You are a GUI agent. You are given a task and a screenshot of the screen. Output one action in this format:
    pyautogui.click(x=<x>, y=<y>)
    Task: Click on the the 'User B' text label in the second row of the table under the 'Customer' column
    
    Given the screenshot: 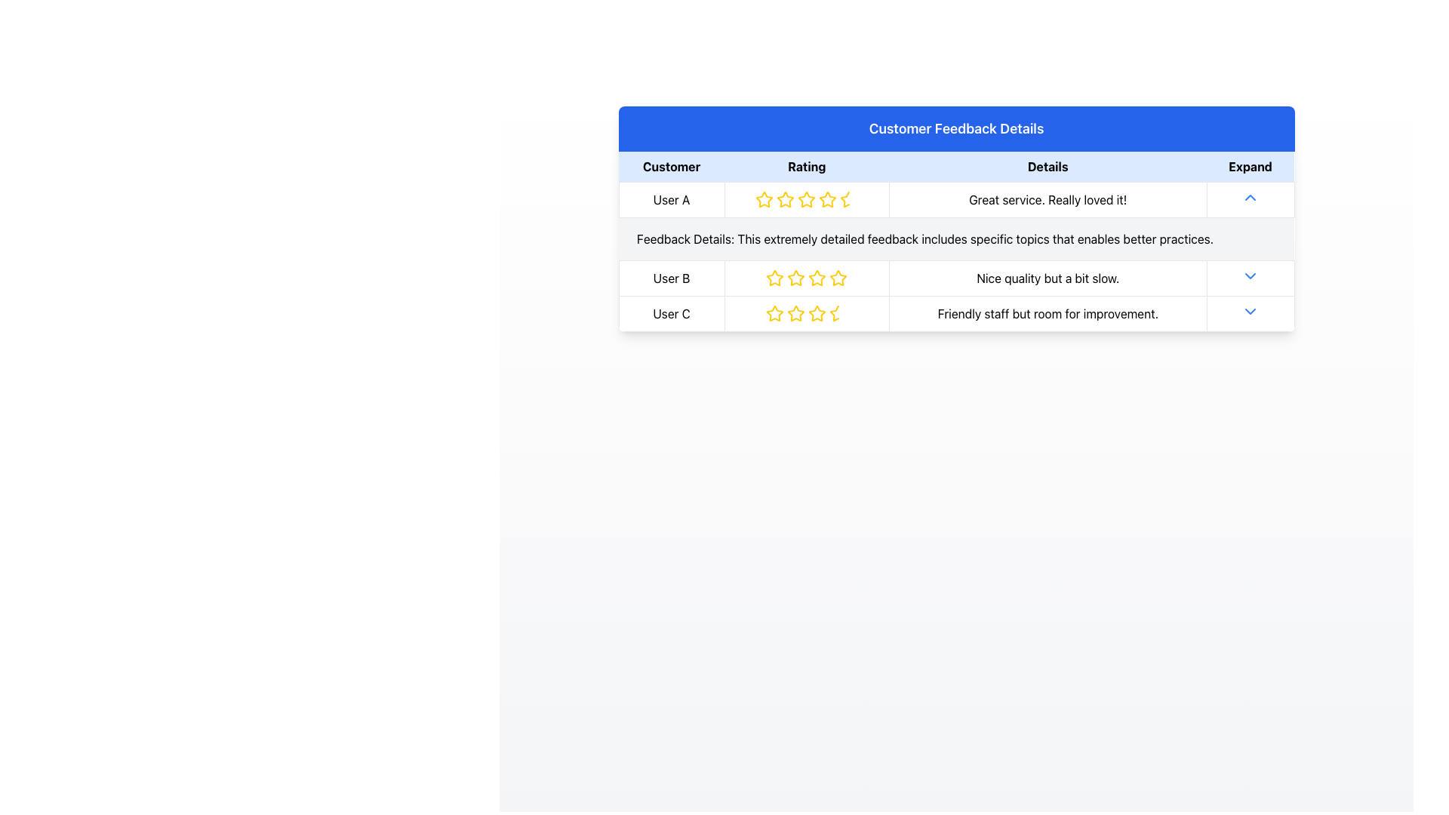 What is the action you would take?
    pyautogui.click(x=671, y=278)
    